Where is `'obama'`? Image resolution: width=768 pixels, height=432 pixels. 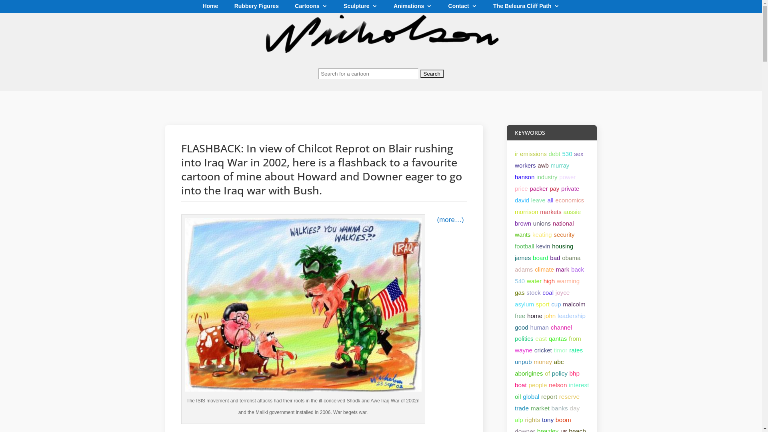
'obama' is located at coordinates (571, 258).